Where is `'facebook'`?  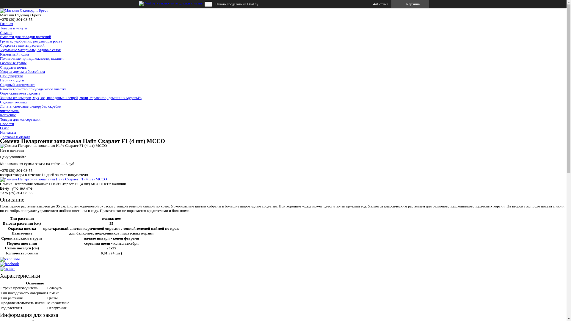 'facebook' is located at coordinates (10, 263).